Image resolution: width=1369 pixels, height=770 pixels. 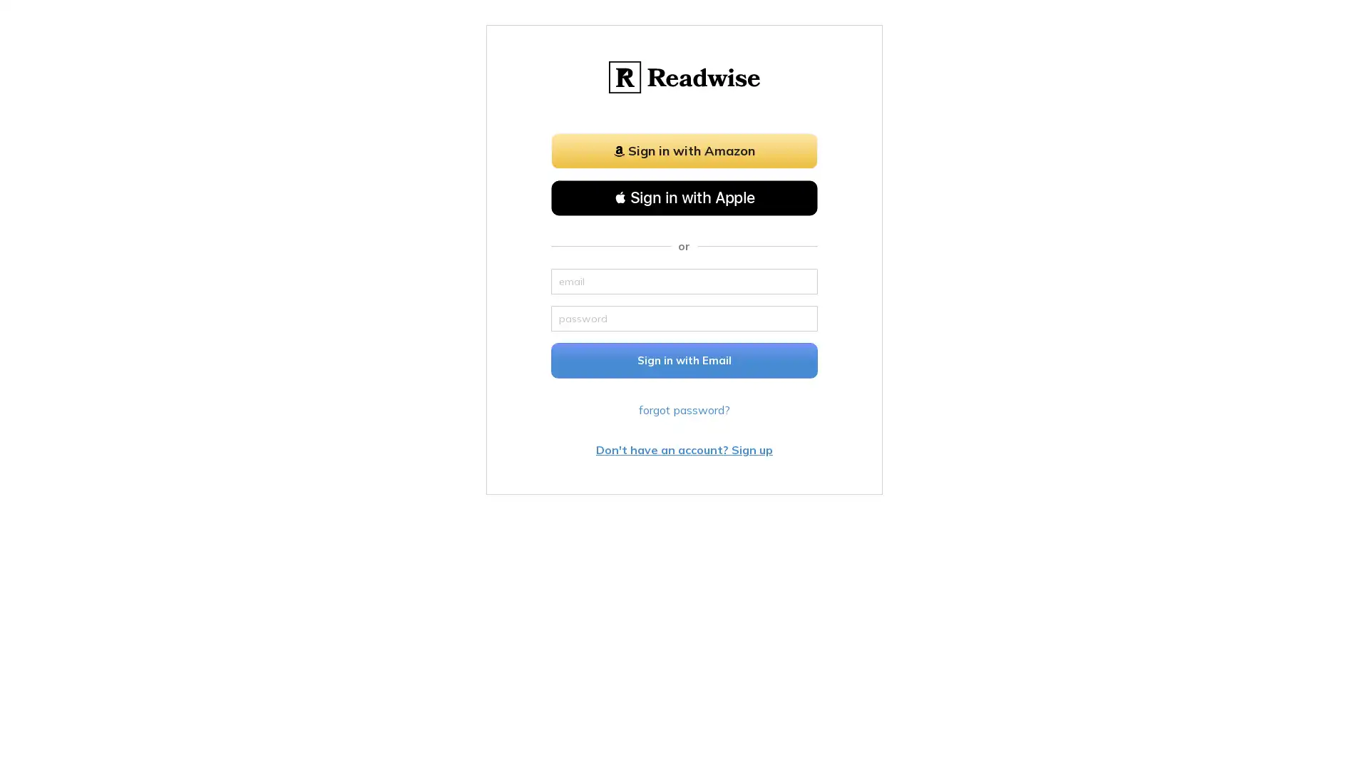 I want to click on Sign in with Email, so click(x=684, y=359).